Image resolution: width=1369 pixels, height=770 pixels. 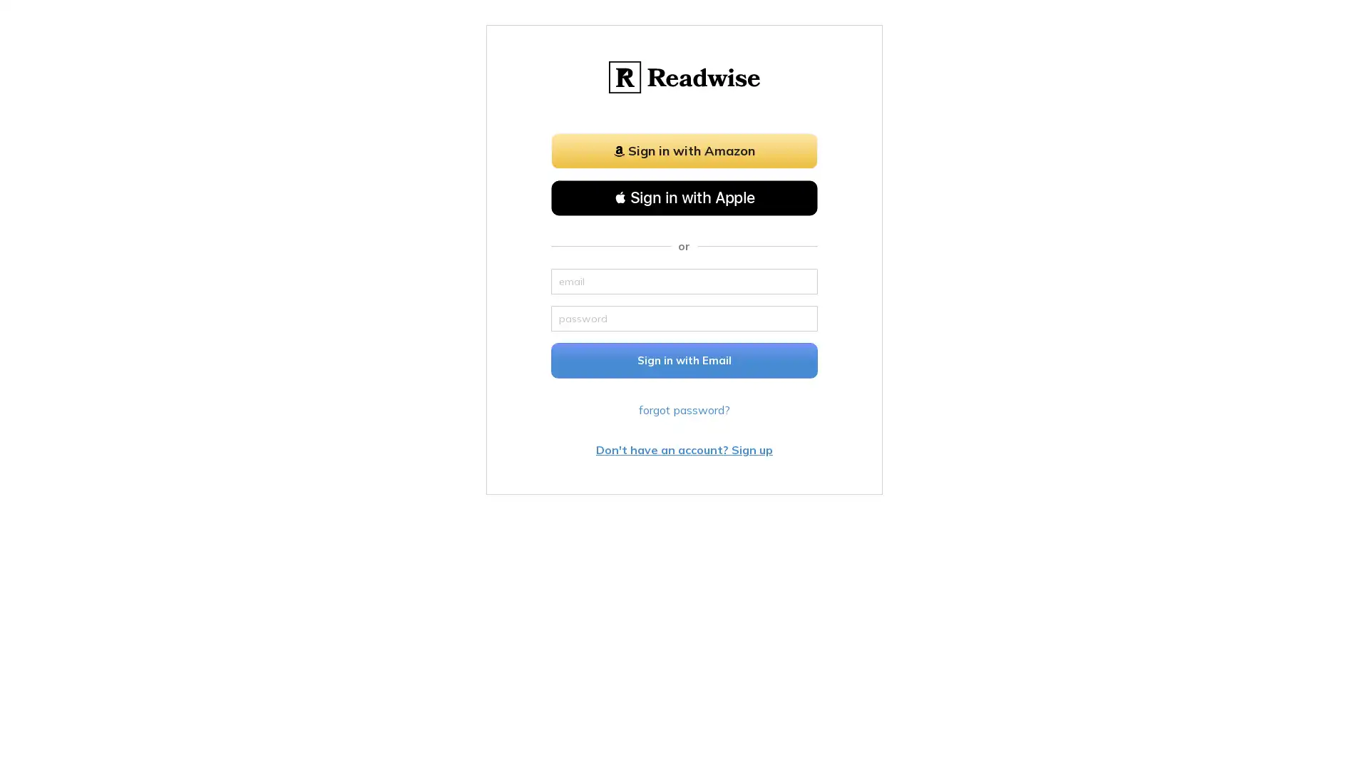 I want to click on Sign in with Email, so click(x=684, y=359).